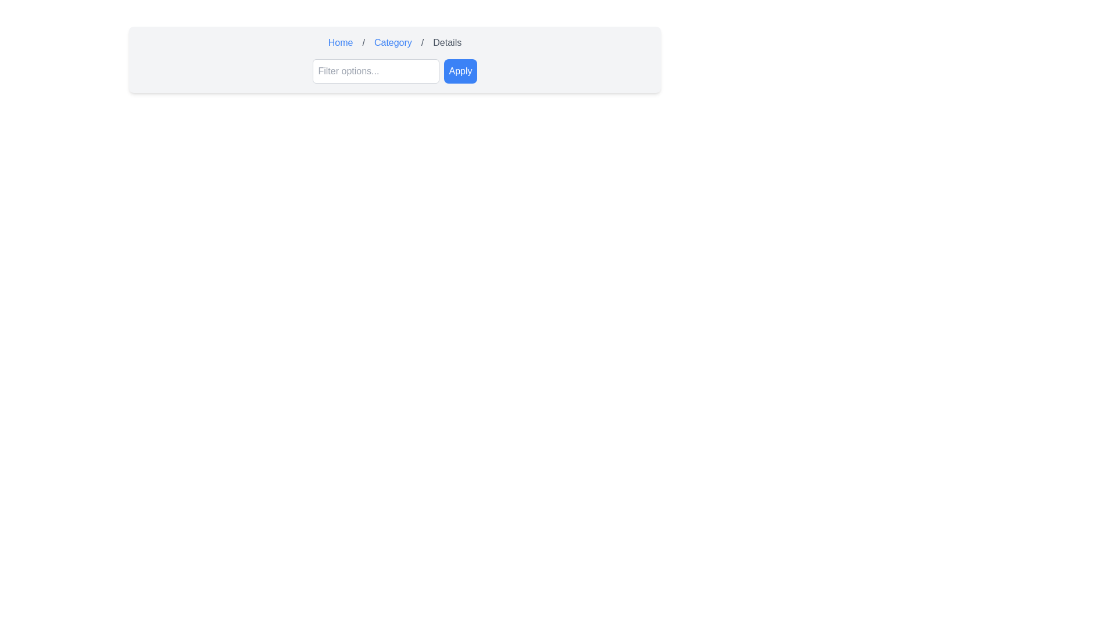 This screenshot has width=1116, height=627. What do you see at coordinates (446, 42) in the screenshot?
I see `the static text label indicating the current location in the breadcrumb navigation trail, which is positioned in the upper-right section of the navigation bar` at bounding box center [446, 42].